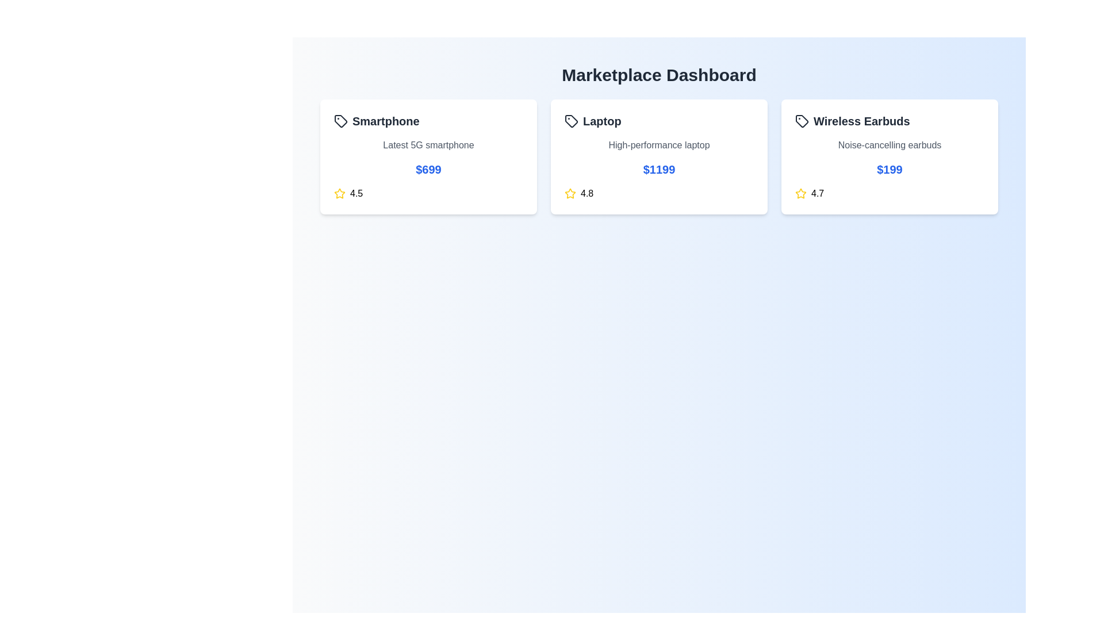 The height and width of the screenshot is (621, 1104). I want to click on price amount displayed in blue-colored, bold font text labeled as '$1199', located centrally below the subtitle 'High-performance laptop' on the Laptop card, so click(659, 169).